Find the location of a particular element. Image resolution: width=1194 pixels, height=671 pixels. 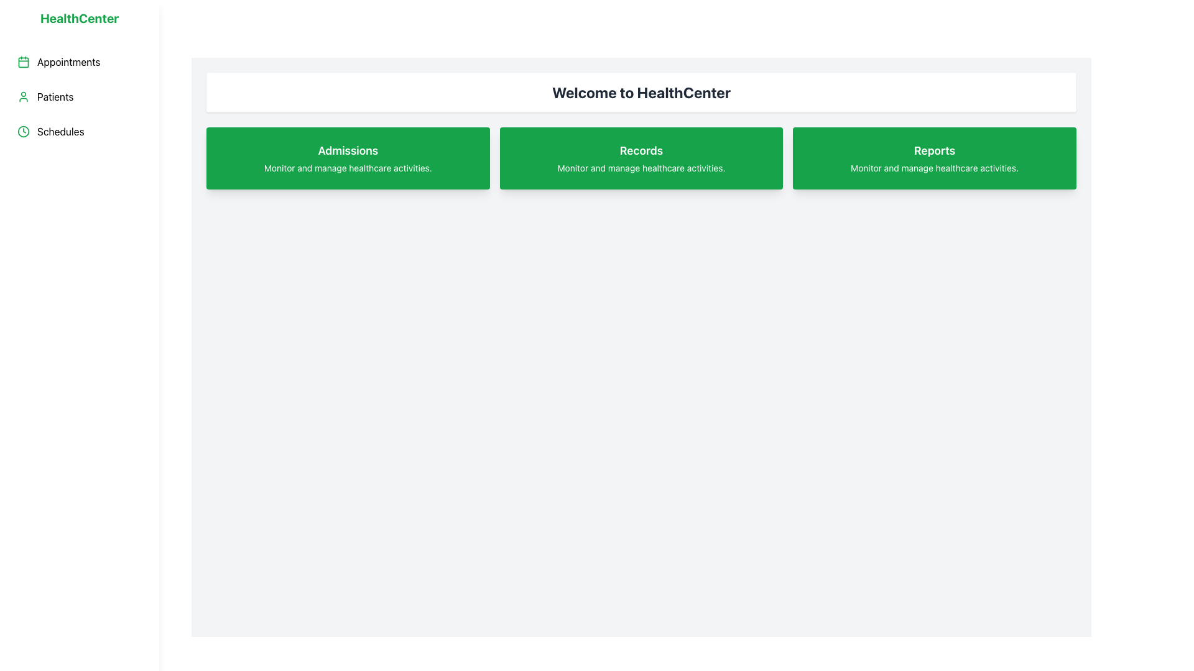

the second Informational Card in the card grid layout is located at coordinates (641, 157).